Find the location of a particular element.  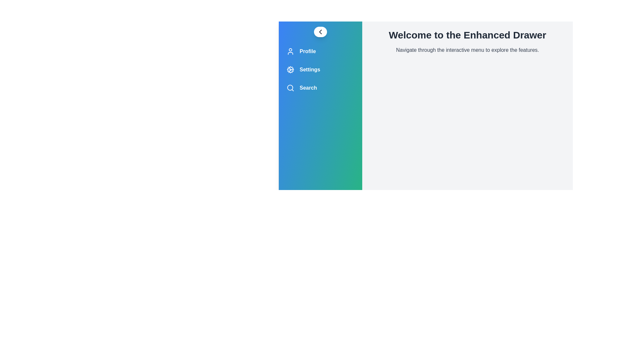

the 'Search' menu item is located at coordinates (320, 88).